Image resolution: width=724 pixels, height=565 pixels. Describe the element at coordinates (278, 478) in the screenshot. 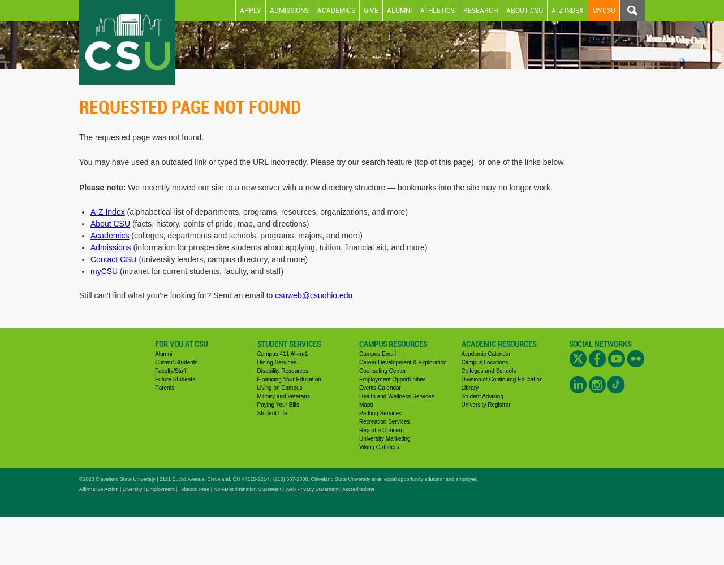

I see `'©2023 Cleveland State University | 2121 Euclid Avenue, Cleveland, OH 44115-2214 | (216) 687-2000. Cleveland State University is an equal opportunity educator and employer.'` at that location.